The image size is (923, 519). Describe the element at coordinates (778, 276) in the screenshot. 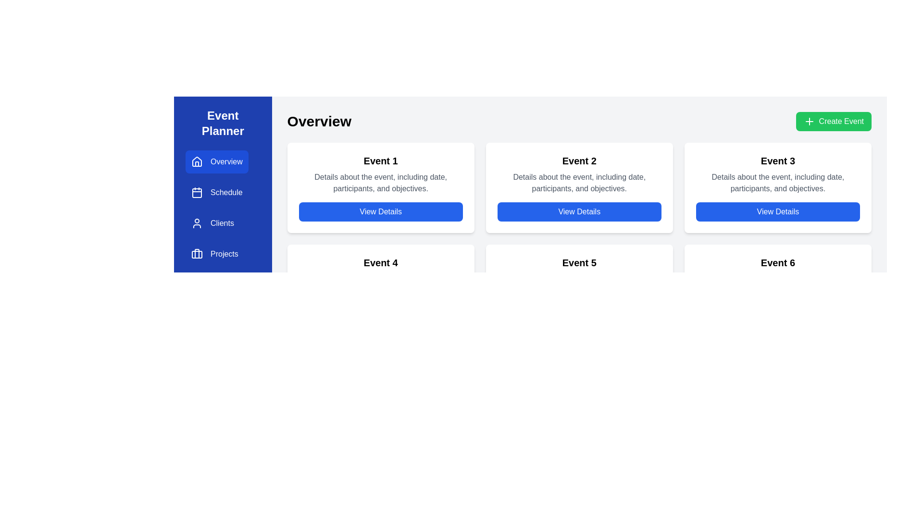

I see `event details from the textual information block titled 'Event 6', which is located in the bottom right section of the event cards grid` at that location.